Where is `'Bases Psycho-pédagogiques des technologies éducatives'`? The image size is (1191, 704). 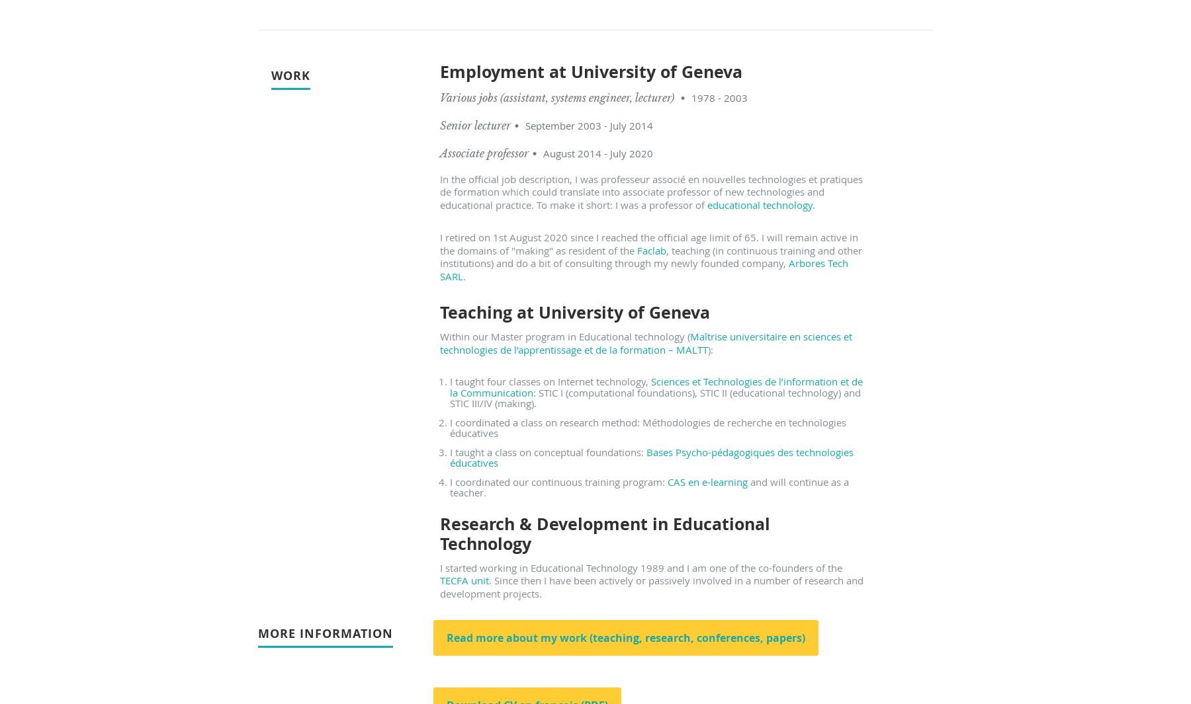 'Bases Psycho-pédagogiques des technologies éducatives' is located at coordinates (449, 457).